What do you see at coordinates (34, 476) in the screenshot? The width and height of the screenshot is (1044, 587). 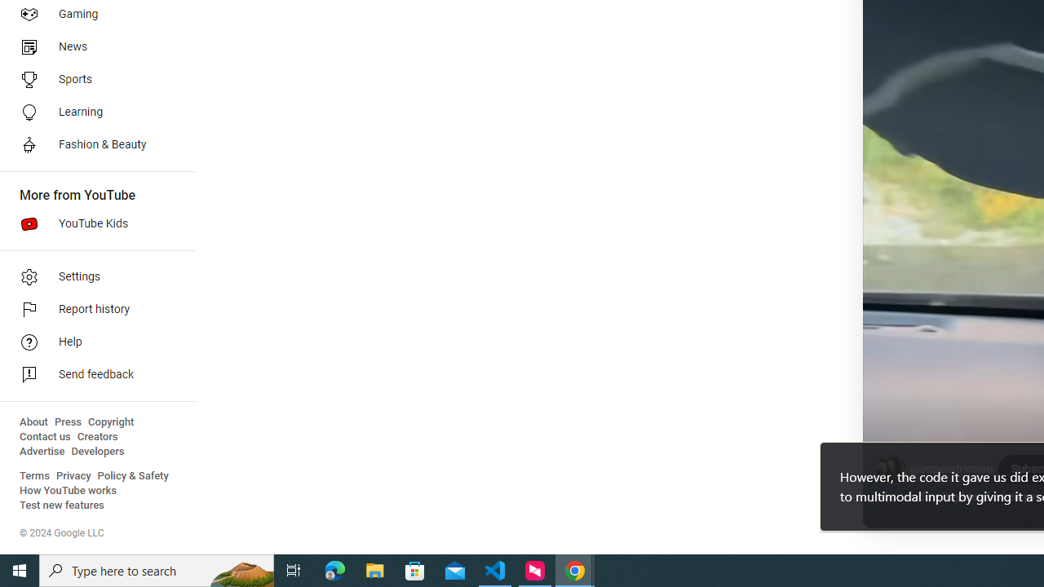 I see `'Terms'` at bounding box center [34, 476].